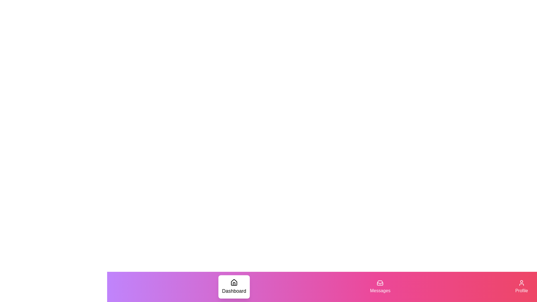 The width and height of the screenshot is (537, 302). What do you see at coordinates (234, 287) in the screenshot?
I see `the tab labeled Dashboard in the bottom navigation bar` at bounding box center [234, 287].